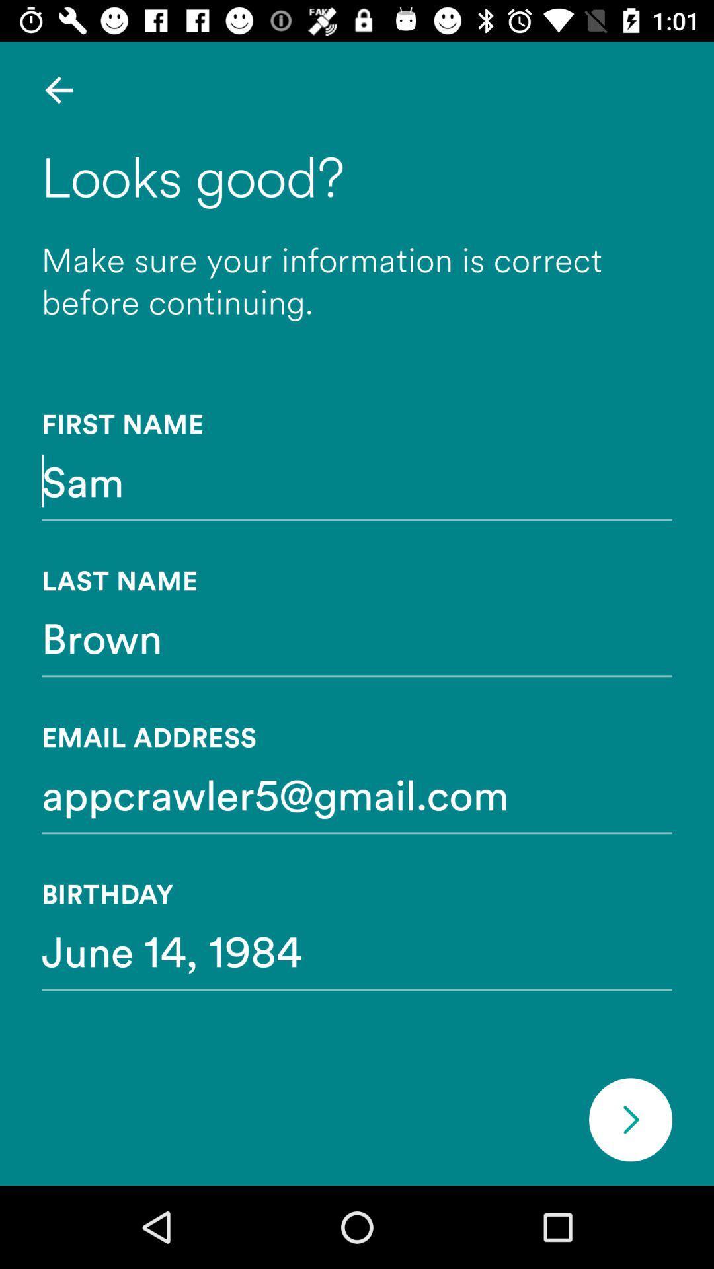  Describe the element at coordinates (357, 480) in the screenshot. I see `icon above the last name item` at that location.